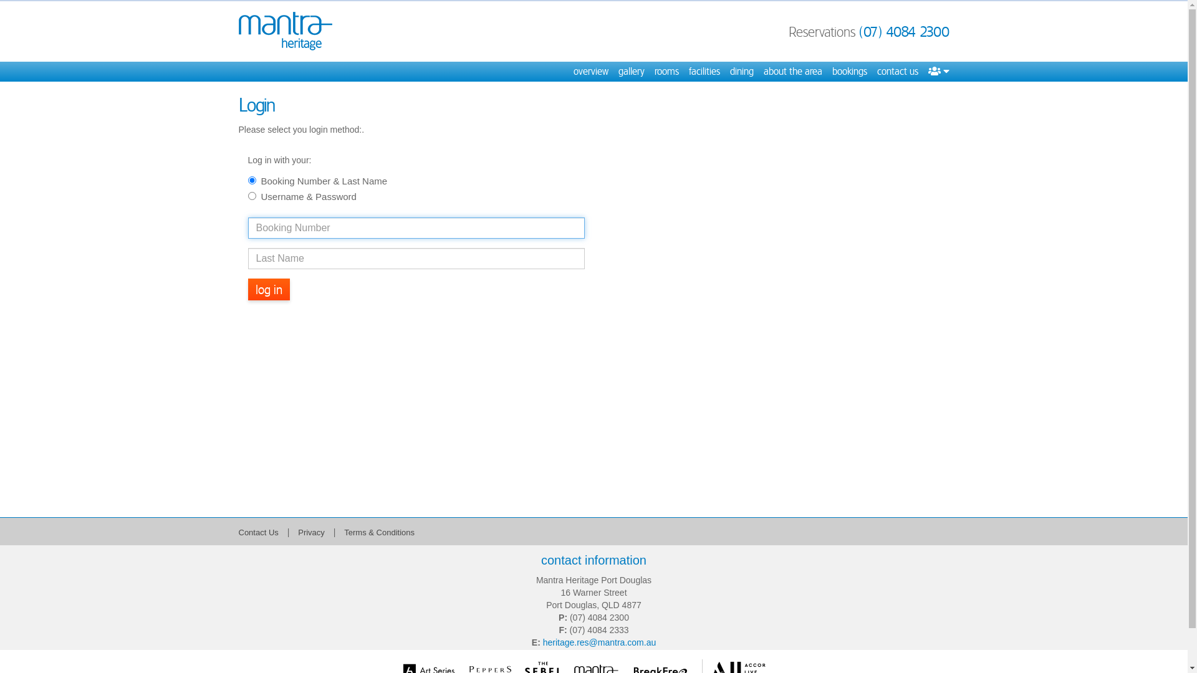 The width and height of the screenshot is (1197, 673). What do you see at coordinates (631, 72) in the screenshot?
I see `'gallery'` at bounding box center [631, 72].